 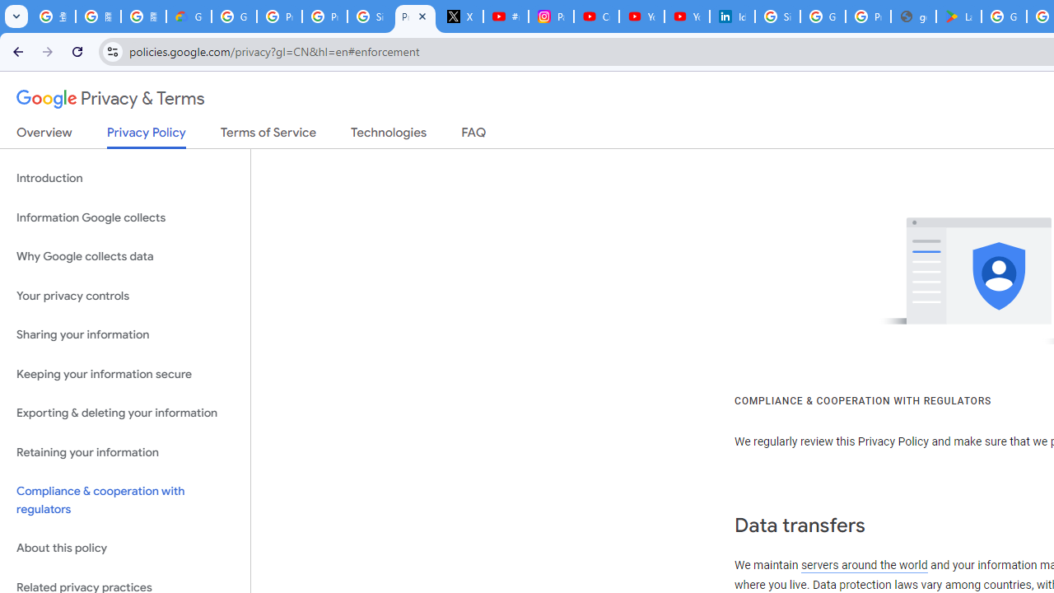 I want to click on '#nbabasketballhighlights - YouTube', so click(x=506, y=16).